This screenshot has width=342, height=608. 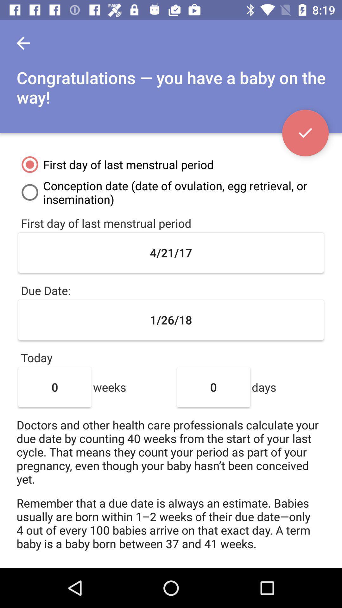 What do you see at coordinates (171, 320) in the screenshot?
I see `icon above the today item` at bounding box center [171, 320].